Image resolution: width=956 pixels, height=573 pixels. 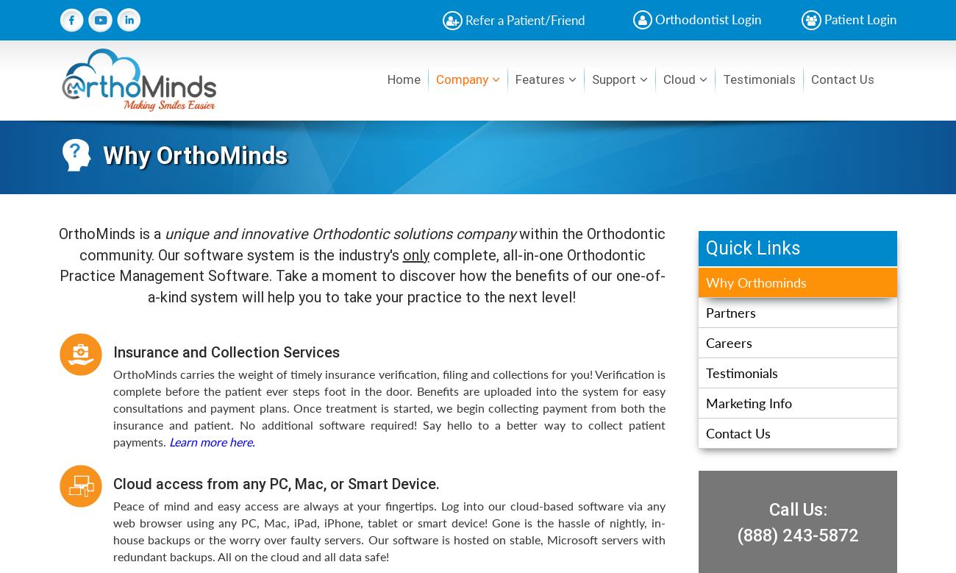 I want to click on 'Orthodontist Login', so click(x=708, y=19).